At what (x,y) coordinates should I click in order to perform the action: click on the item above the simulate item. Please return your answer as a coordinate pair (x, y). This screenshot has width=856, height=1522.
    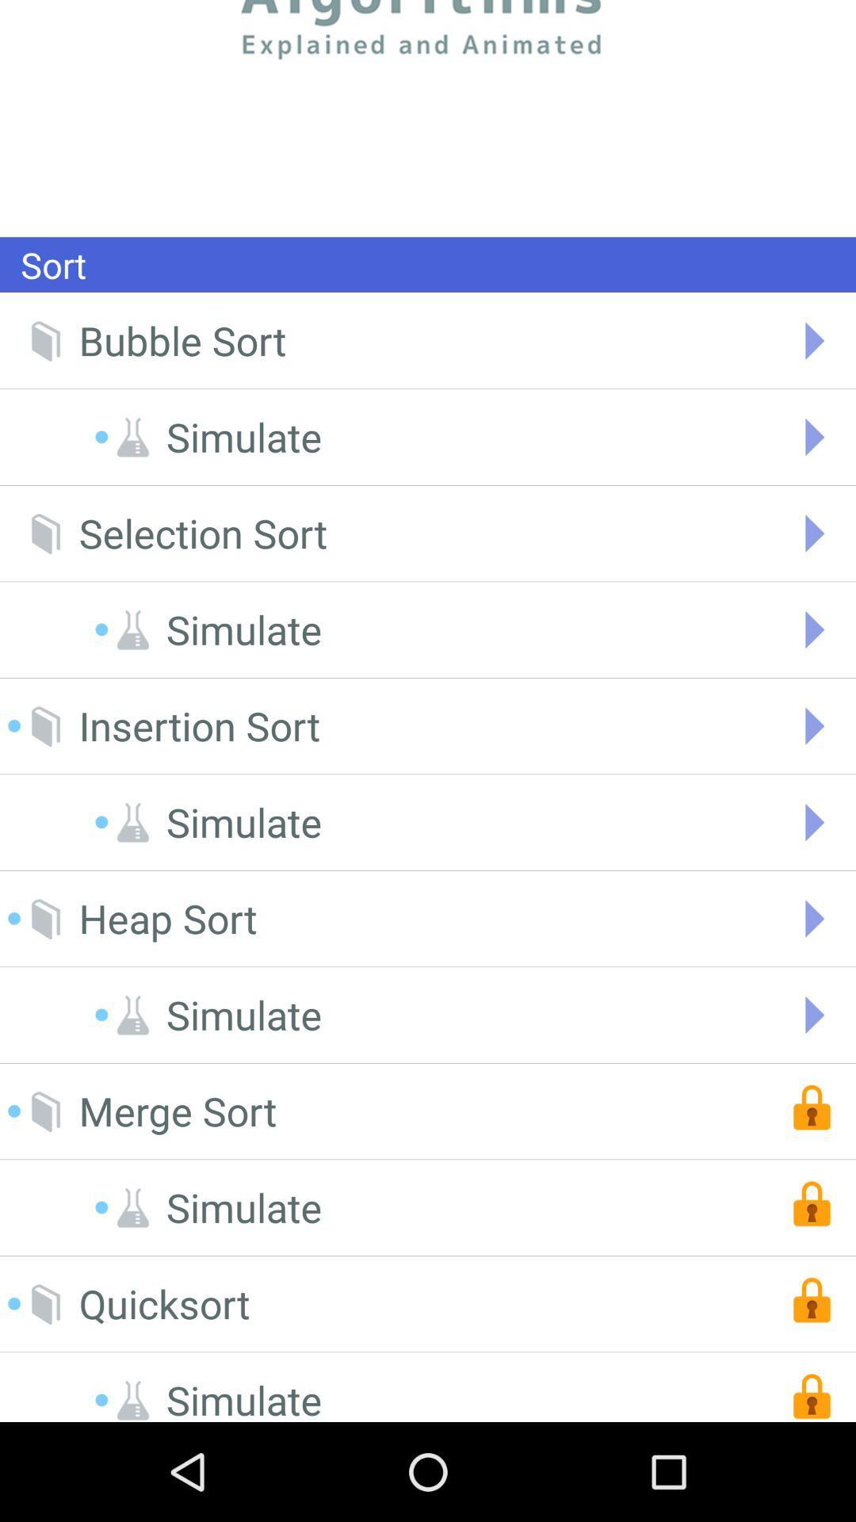
    Looking at the image, I should click on (198, 725).